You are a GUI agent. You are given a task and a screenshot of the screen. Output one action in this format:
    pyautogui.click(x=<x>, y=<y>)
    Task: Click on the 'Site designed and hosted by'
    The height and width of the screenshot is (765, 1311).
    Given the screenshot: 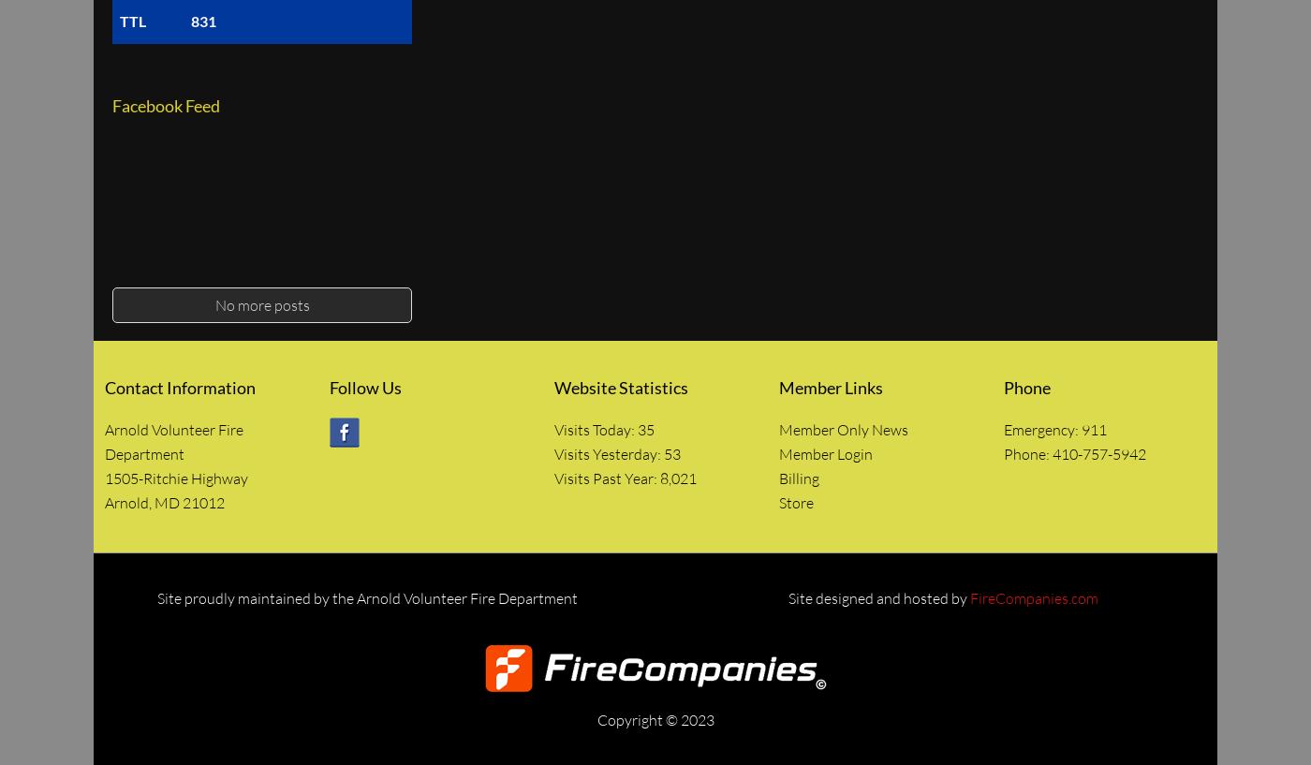 What is the action you would take?
    pyautogui.click(x=788, y=596)
    